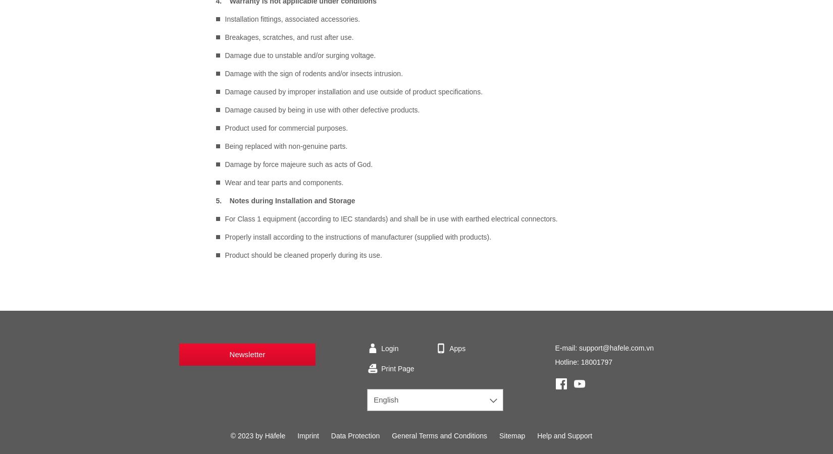  Describe the element at coordinates (616, 348) in the screenshot. I see `'support@hafele.com.vn'` at that location.